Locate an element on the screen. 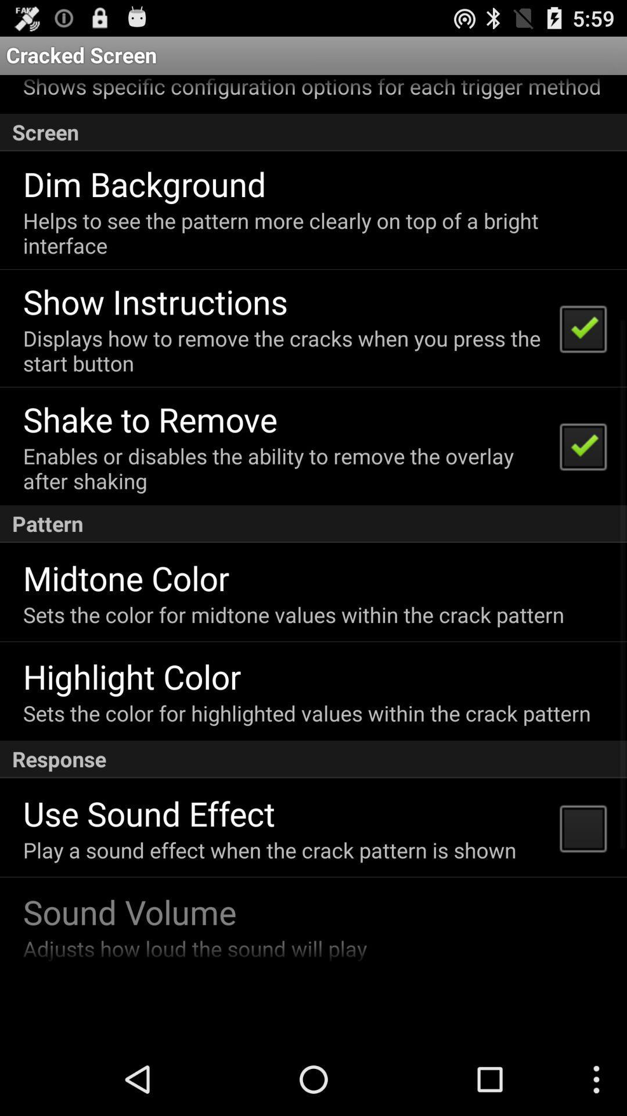  the response is located at coordinates (313, 759).